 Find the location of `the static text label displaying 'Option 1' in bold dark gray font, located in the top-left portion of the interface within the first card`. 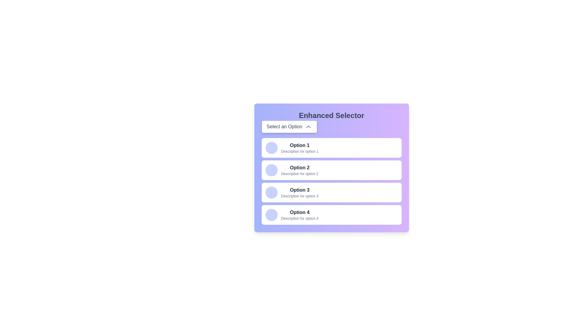

the static text label displaying 'Option 1' in bold dark gray font, located in the top-left portion of the interface within the first card is located at coordinates (300, 145).